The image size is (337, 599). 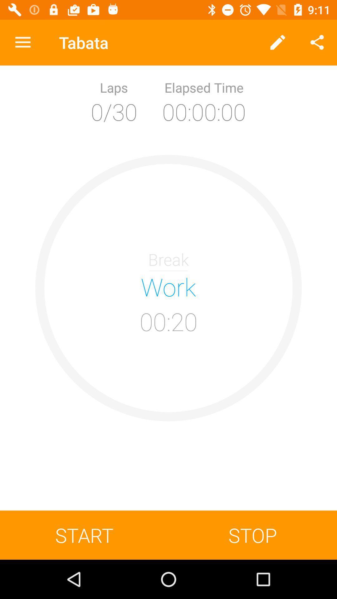 I want to click on the icon at the bottom left corner, so click(x=84, y=535).